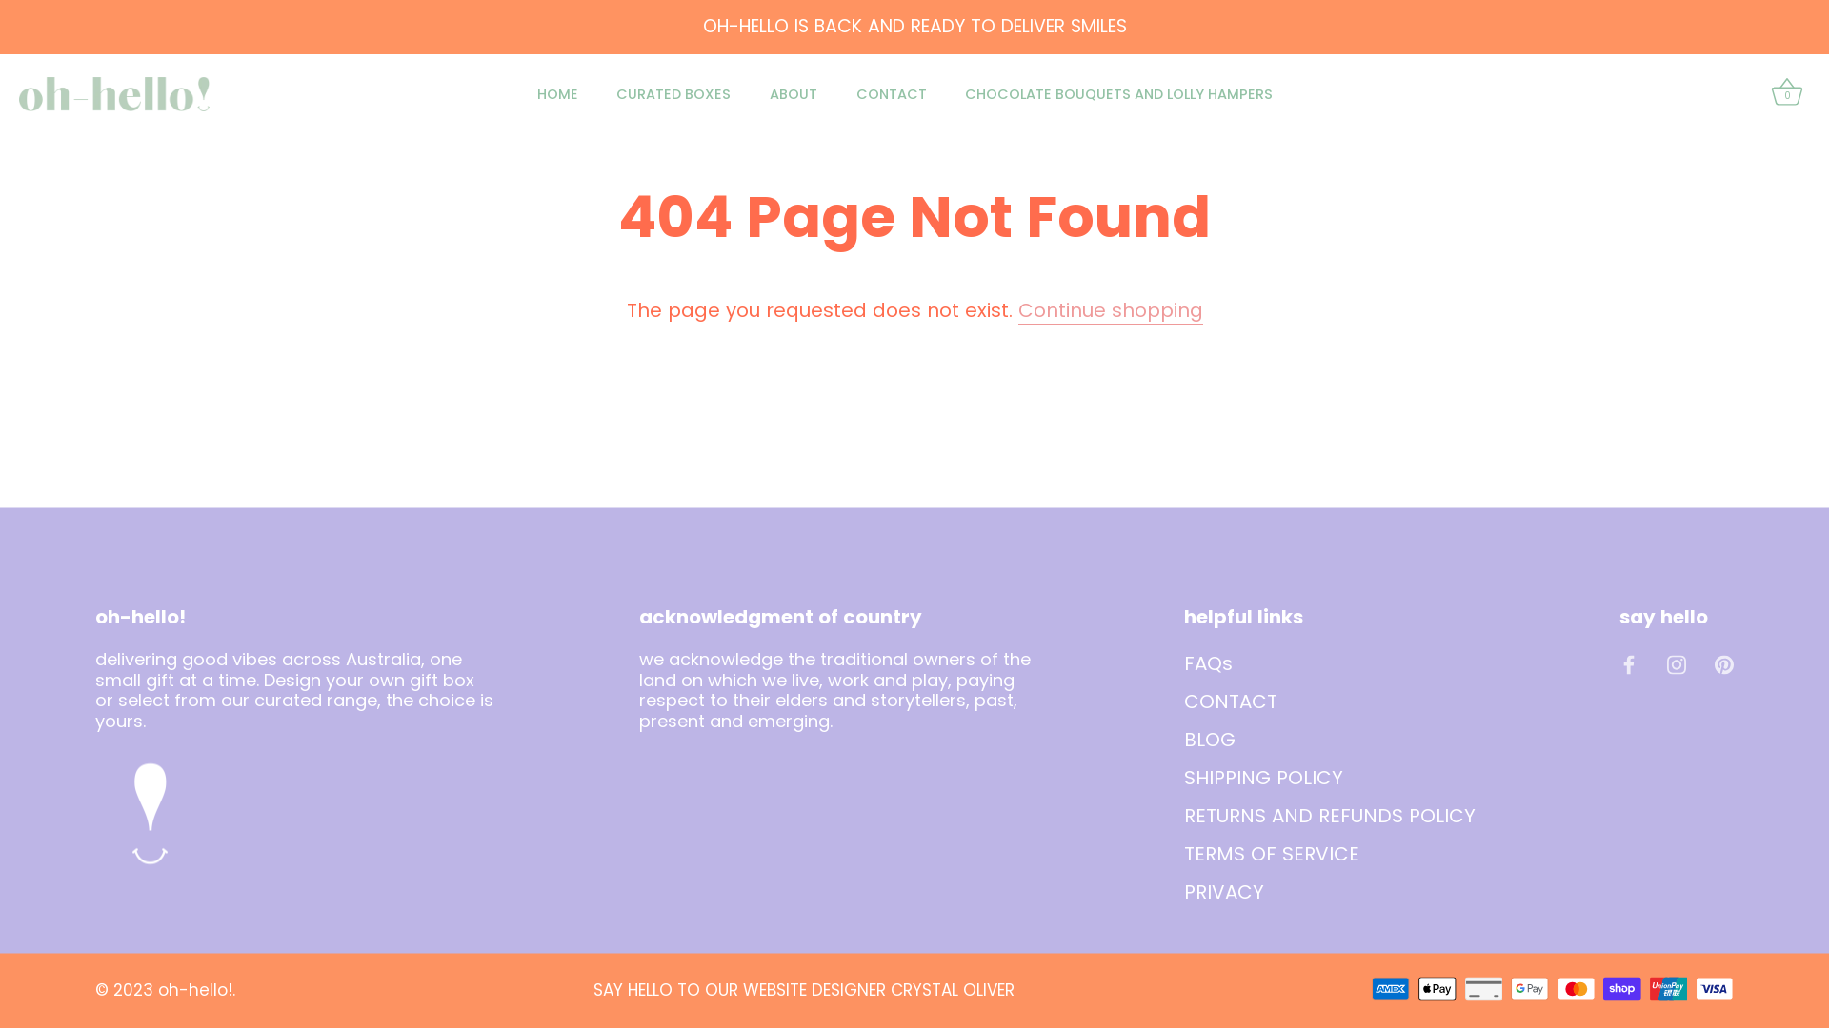 This screenshot has height=1028, width=1829. What do you see at coordinates (1183, 777) in the screenshot?
I see `'SHIPPING POLICY'` at bounding box center [1183, 777].